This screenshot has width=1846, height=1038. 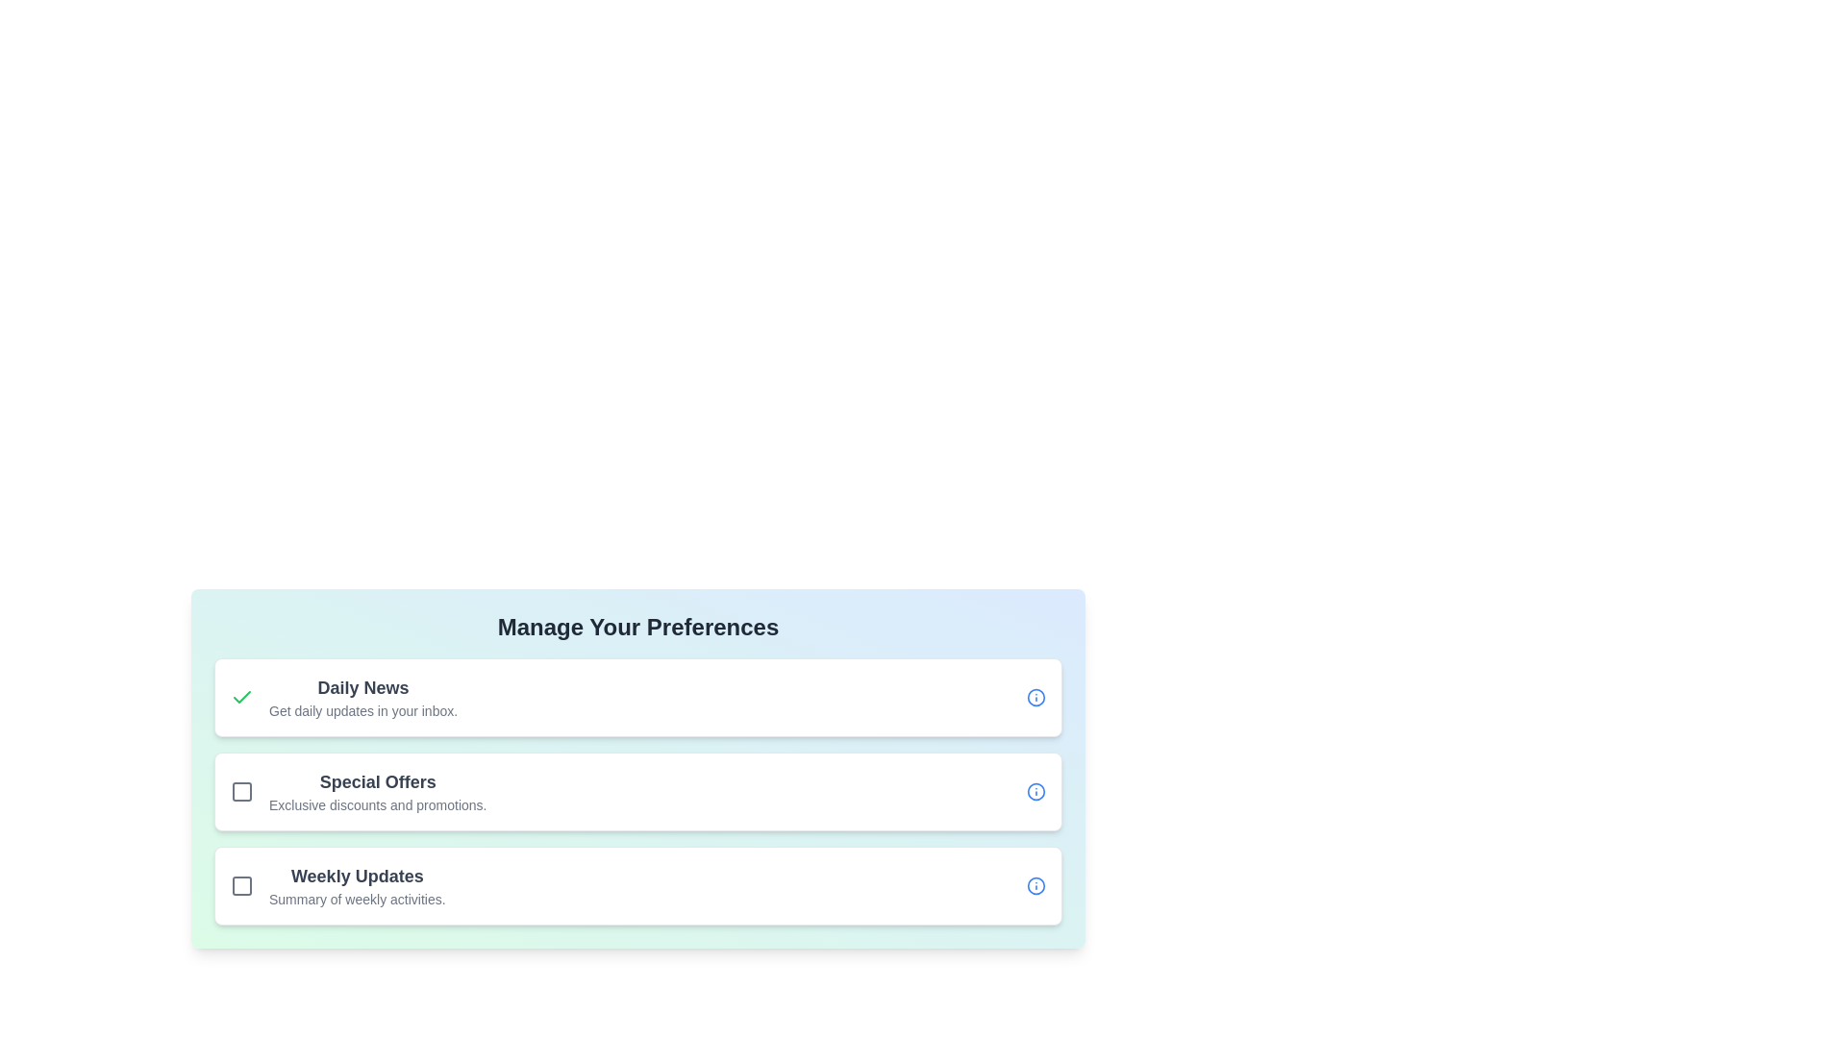 What do you see at coordinates (241, 697) in the screenshot?
I see `the checkmark icon indicating a selected state for the 'Daily News' subscription option in the preferences section` at bounding box center [241, 697].